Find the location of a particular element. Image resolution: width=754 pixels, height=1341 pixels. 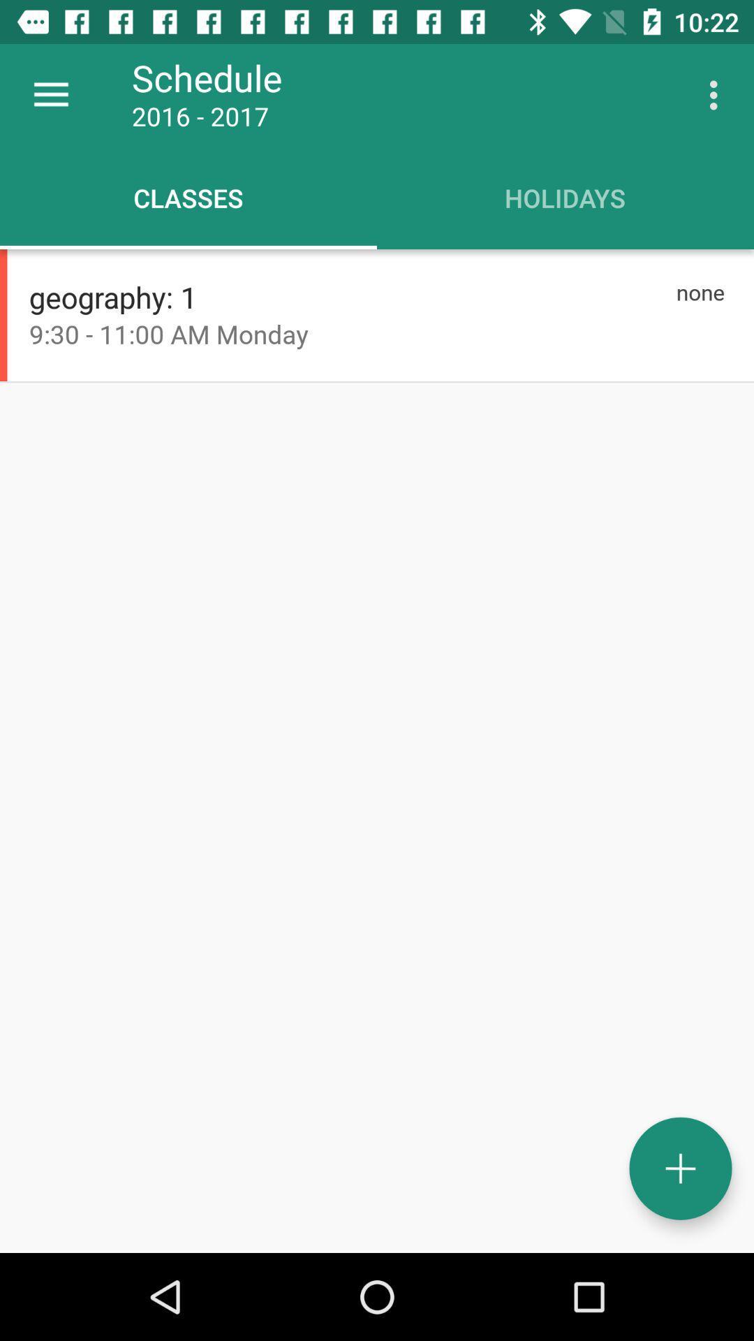

a new schedule entry is located at coordinates (680, 1168).